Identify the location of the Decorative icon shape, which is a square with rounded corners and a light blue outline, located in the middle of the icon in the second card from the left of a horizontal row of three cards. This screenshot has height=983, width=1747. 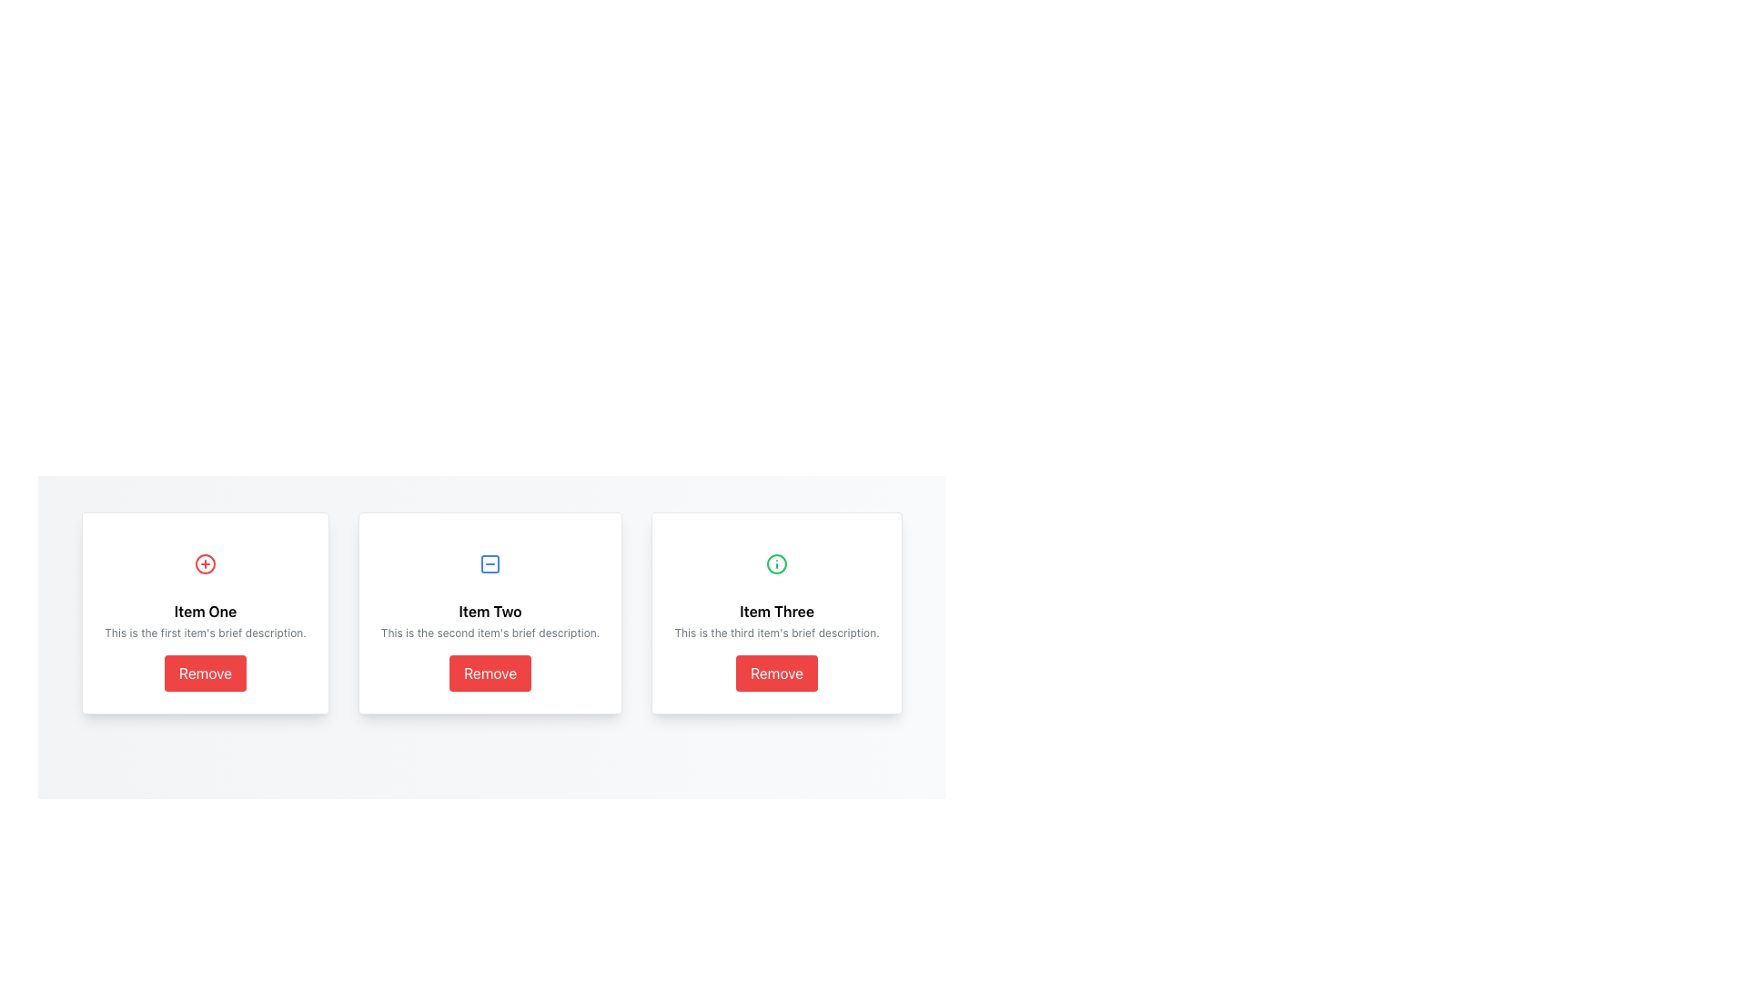
(490, 563).